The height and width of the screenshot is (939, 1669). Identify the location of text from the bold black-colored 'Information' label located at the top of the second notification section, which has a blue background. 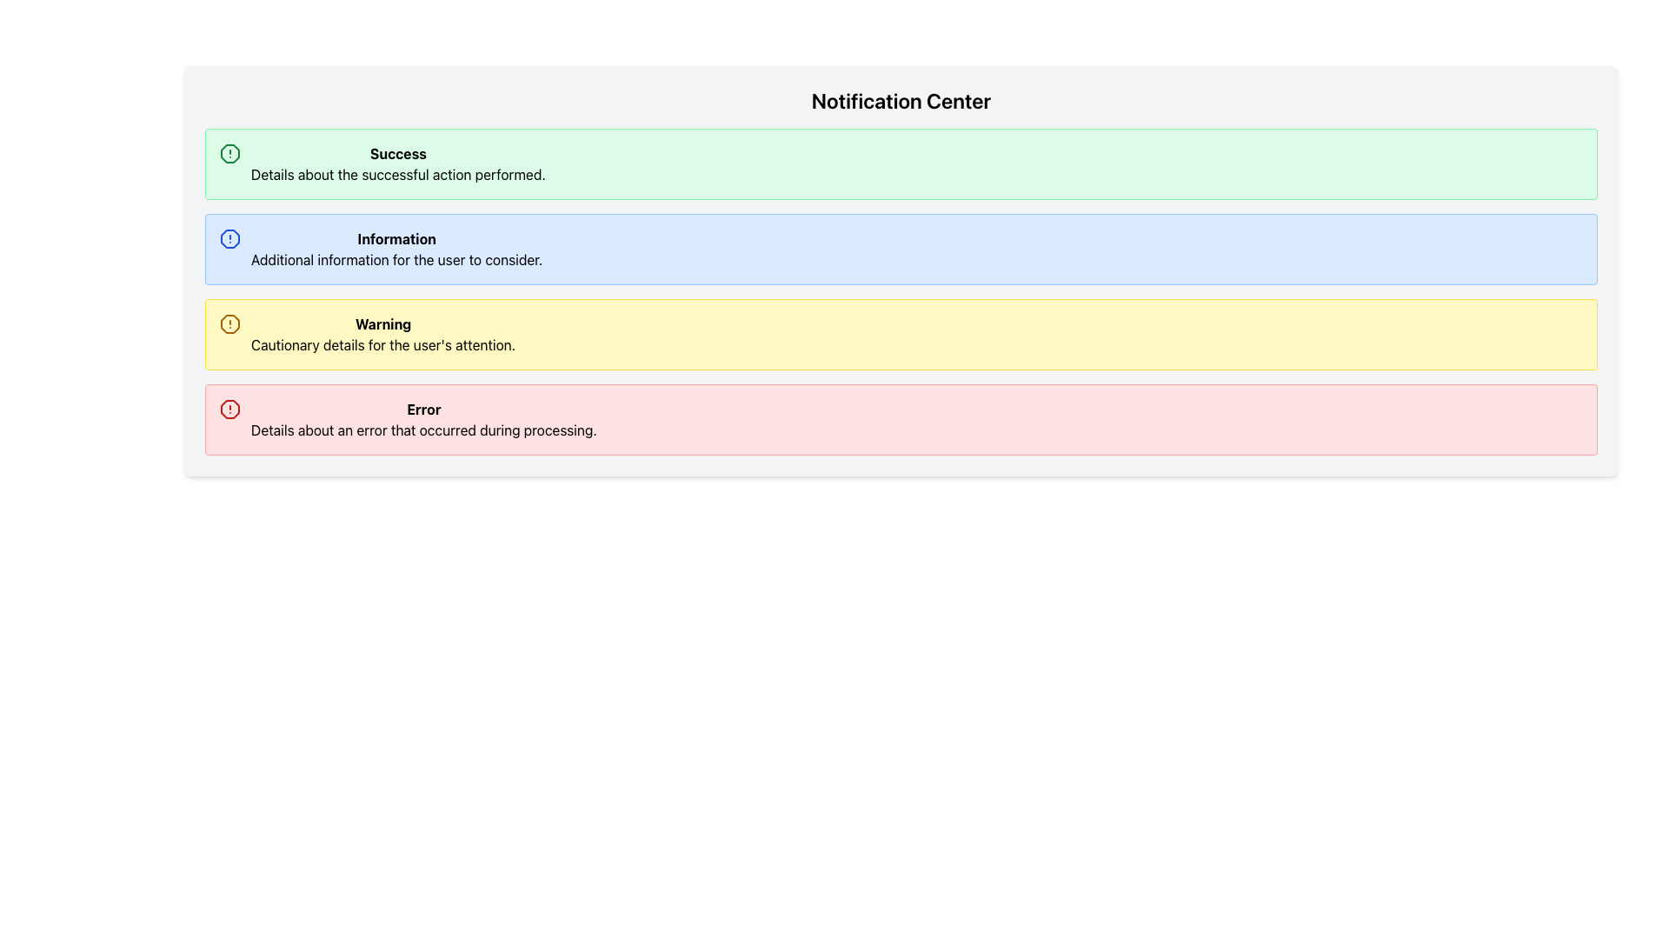
(396, 238).